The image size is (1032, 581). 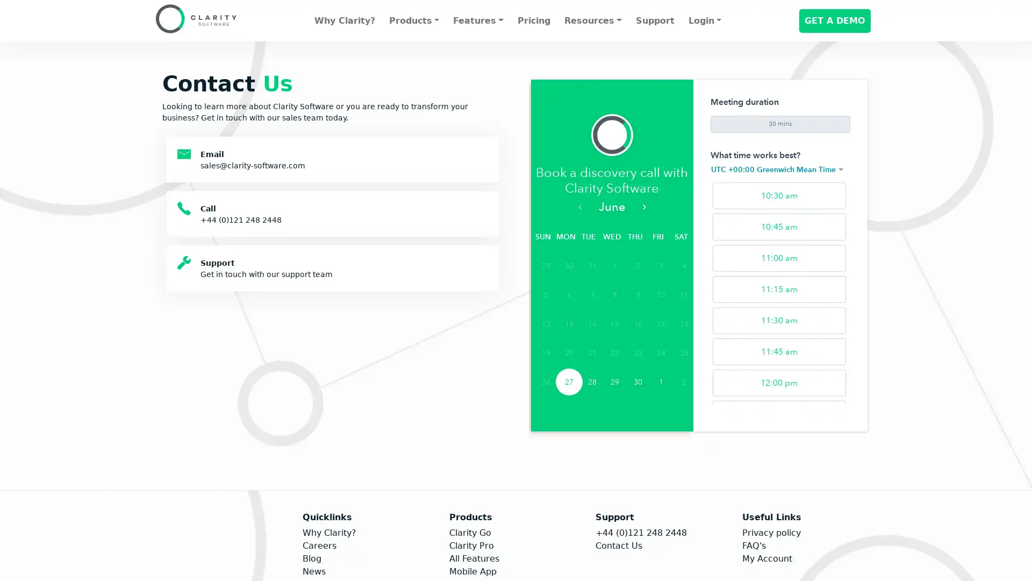 What do you see at coordinates (592, 20) in the screenshot?
I see `Resources` at bounding box center [592, 20].